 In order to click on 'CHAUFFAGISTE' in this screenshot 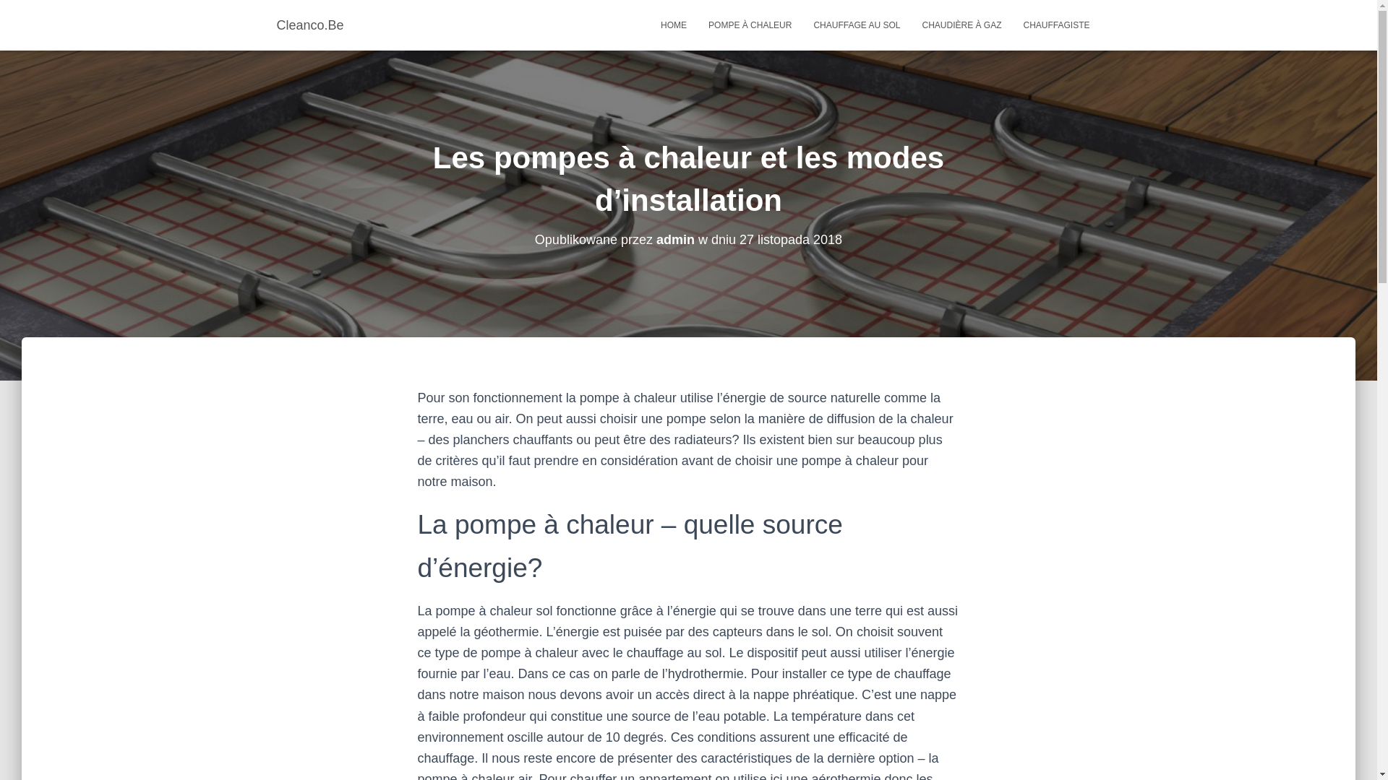, I will do `click(1055, 25)`.